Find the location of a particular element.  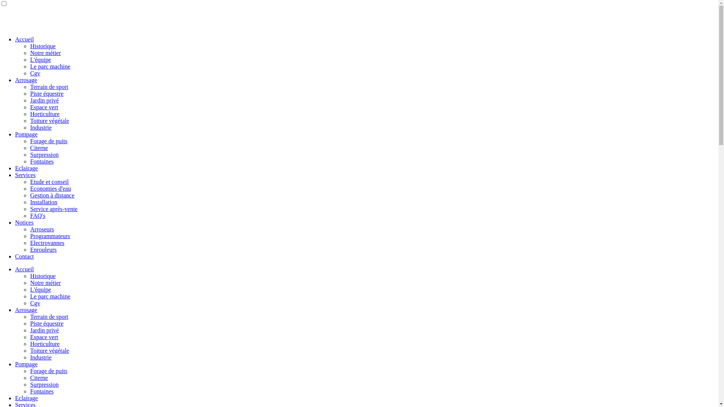

'Eclairage' is located at coordinates (15, 398).